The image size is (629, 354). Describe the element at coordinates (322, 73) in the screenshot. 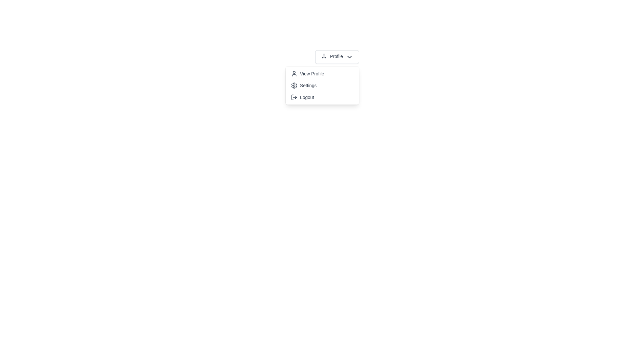

I see `the profile navigation button located at the top of the dropdown menu` at that location.